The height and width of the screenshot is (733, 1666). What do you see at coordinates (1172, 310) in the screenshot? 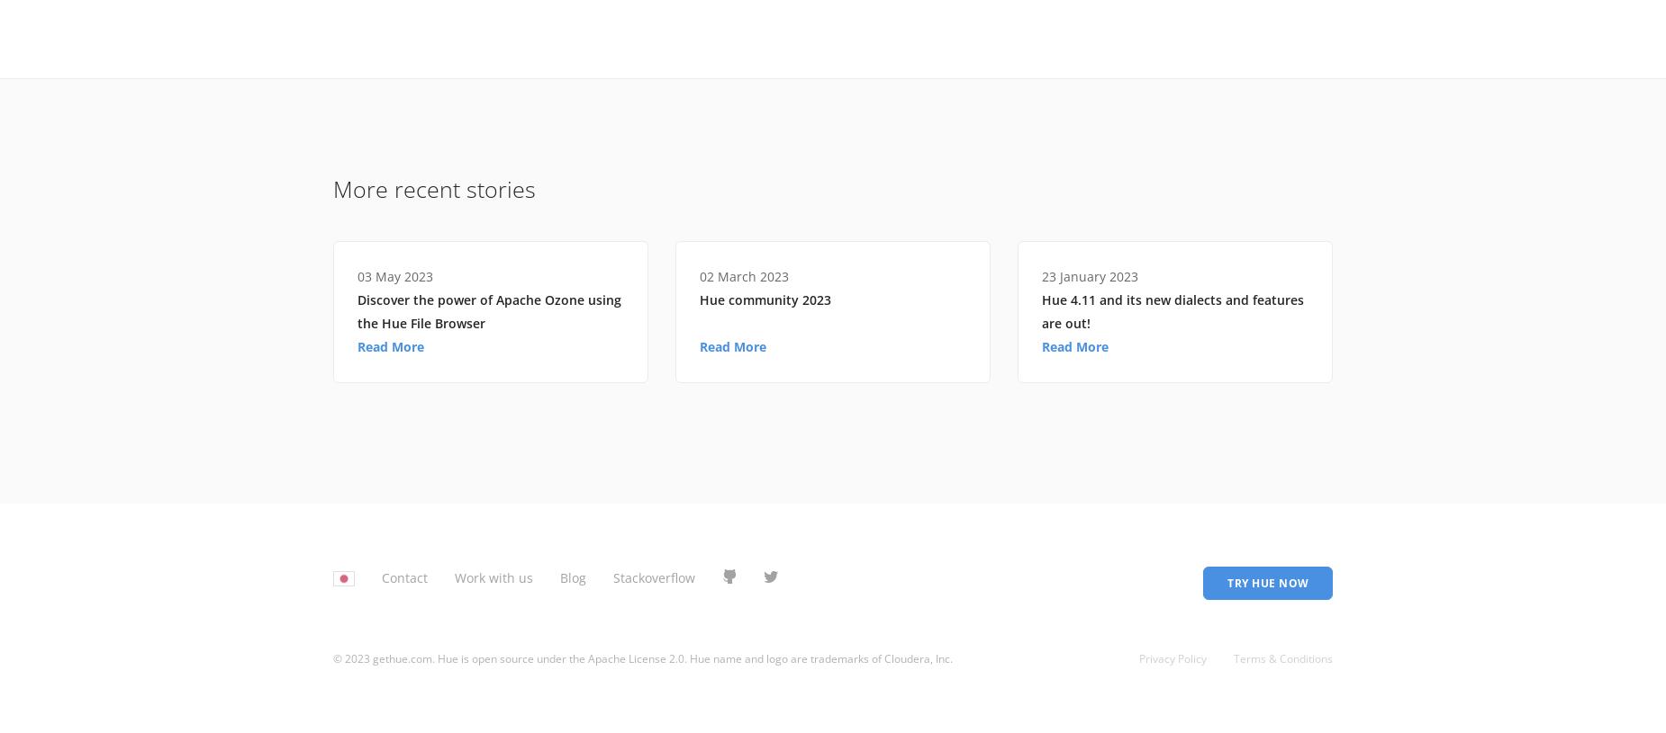
I see `'Hue 4.11 and its new dialects and features are out!'` at bounding box center [1172, 310].